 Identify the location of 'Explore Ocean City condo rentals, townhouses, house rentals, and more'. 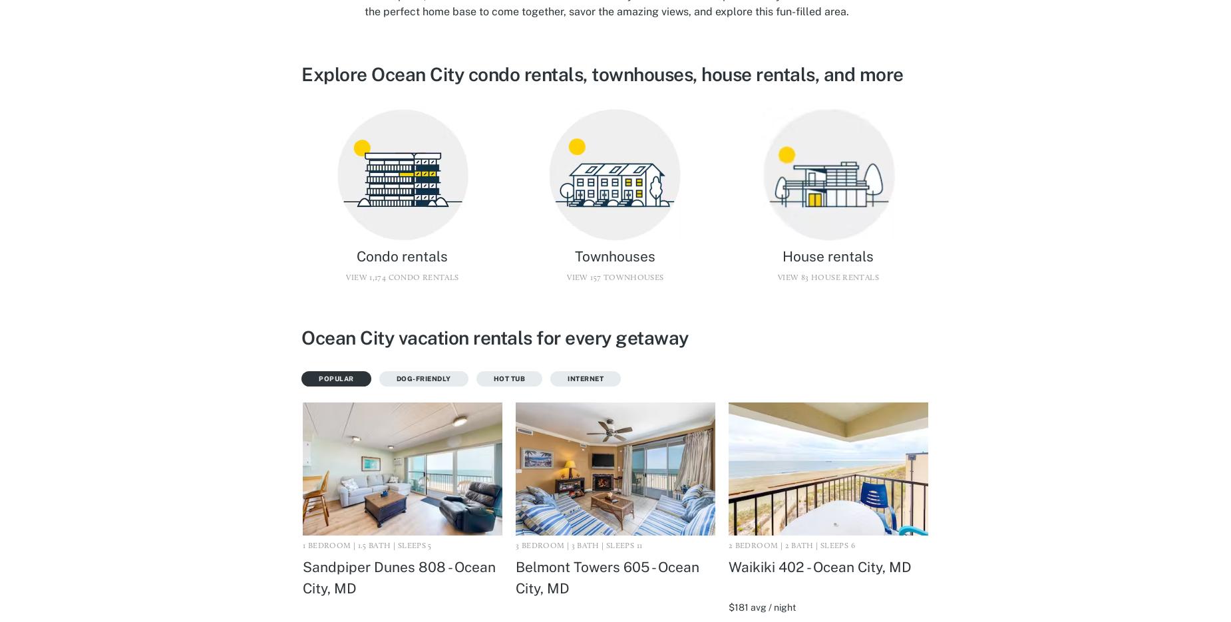
(602, 73).